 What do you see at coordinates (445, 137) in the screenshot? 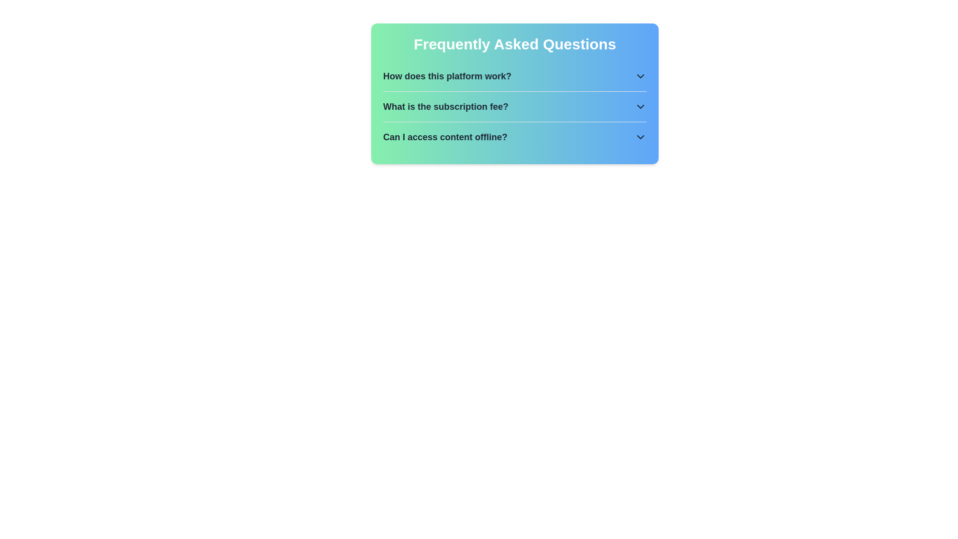
I see `the text label 'Can I access content offline?'` at bounding box center [445, 137].